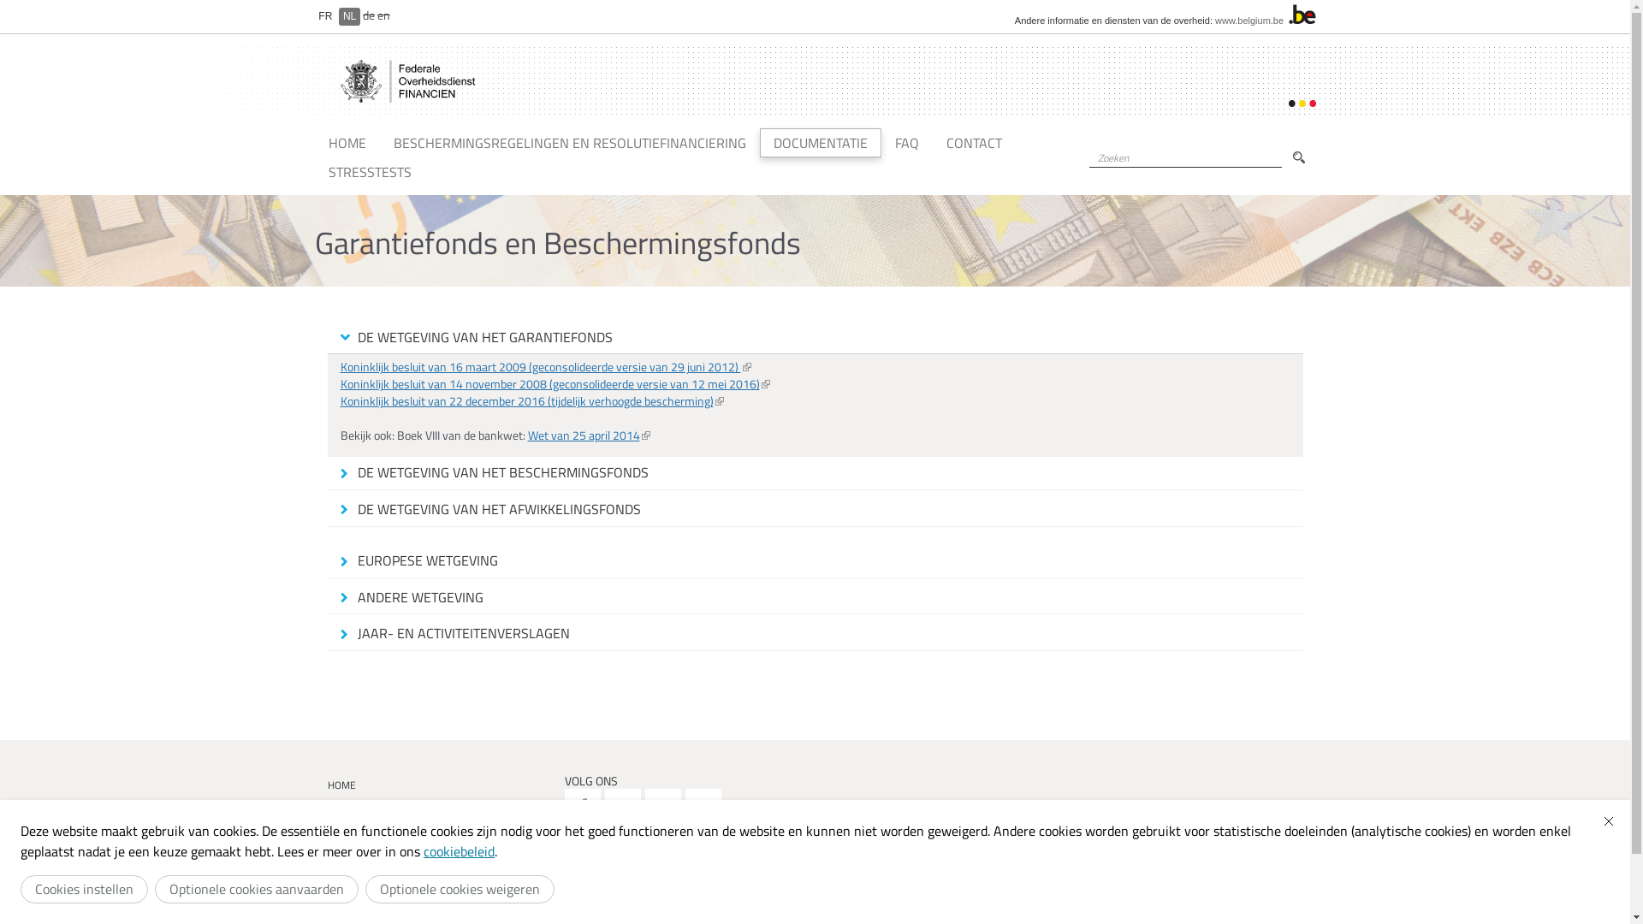 This screenshot has width=1643, height=924. What do you see at coordinates (460, 888) in the screenshot?
I see `'Optionele cookies weigeren'` at bounding box center [460, 888].